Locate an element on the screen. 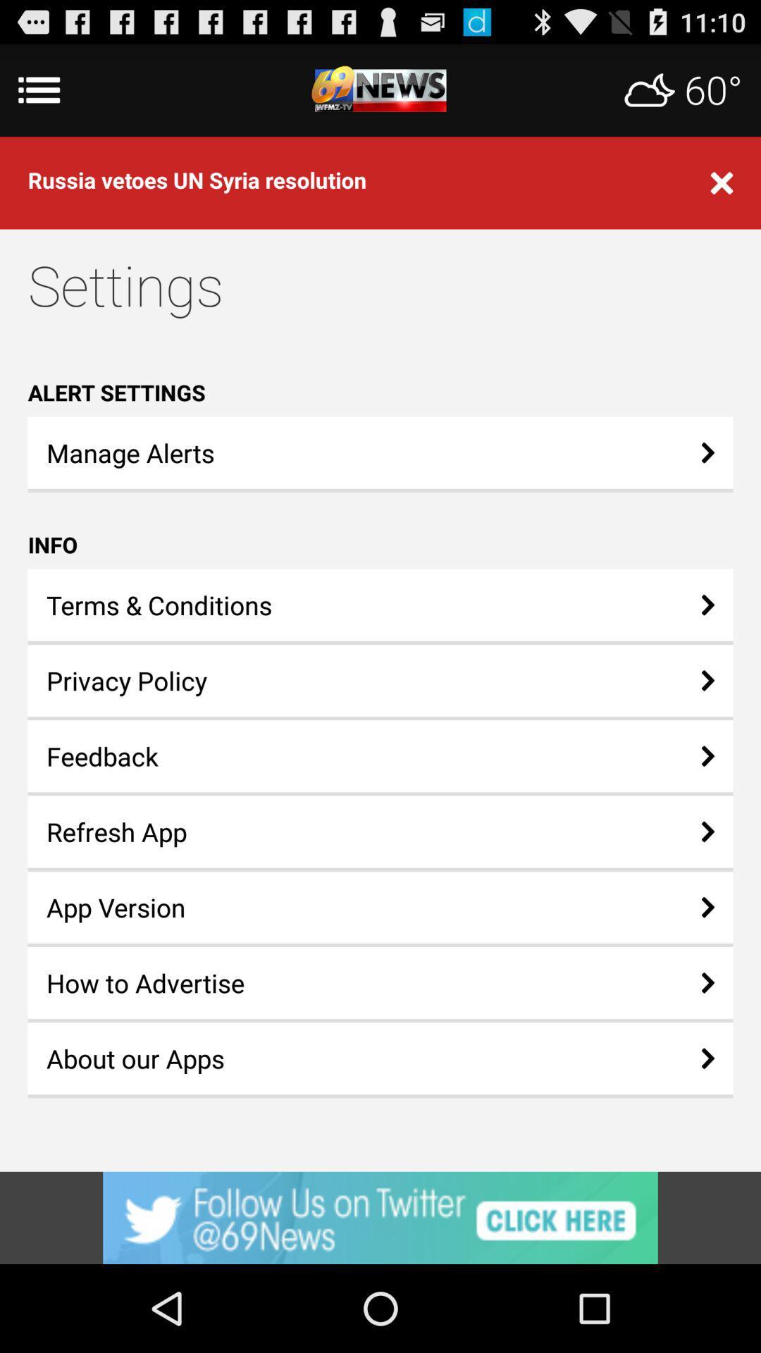 The height and width of the screenshot is (1353, 761). twitter hyperlink is located at coordinates (380, 1217).